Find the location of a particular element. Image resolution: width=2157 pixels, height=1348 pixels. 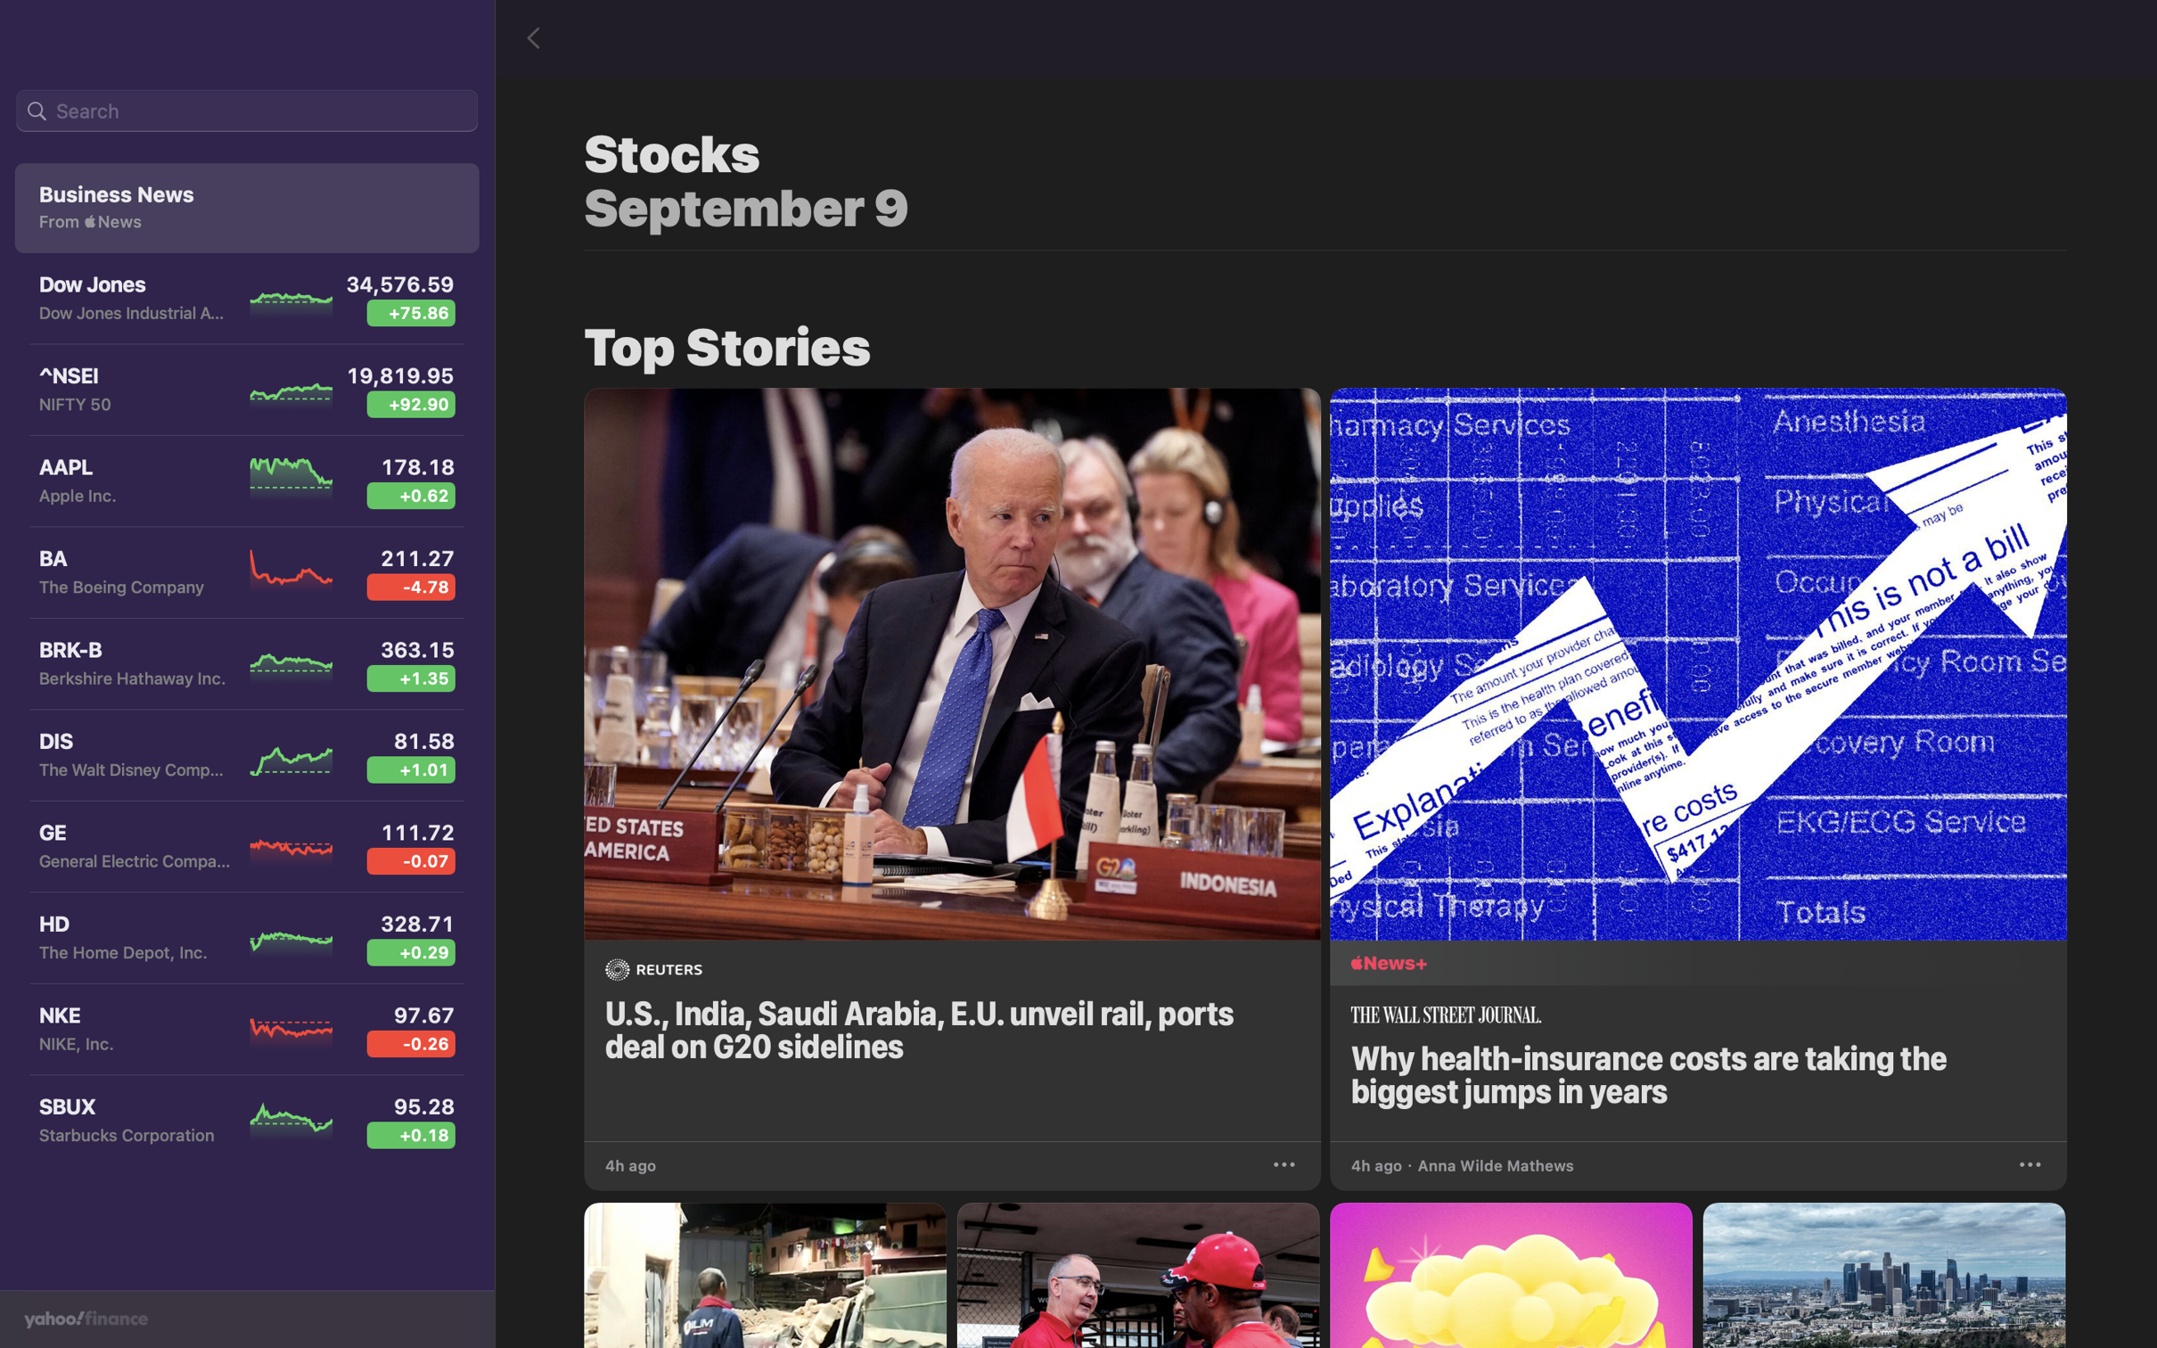

Search for the "Aurora" stock in the bar on top left is located at coordinates (246, 111).